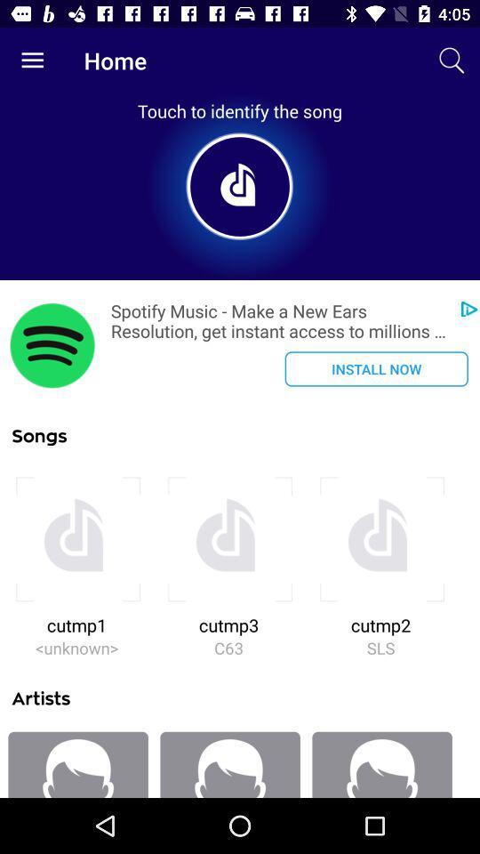  I want to click on spotify music make icon, so click(280, 320).